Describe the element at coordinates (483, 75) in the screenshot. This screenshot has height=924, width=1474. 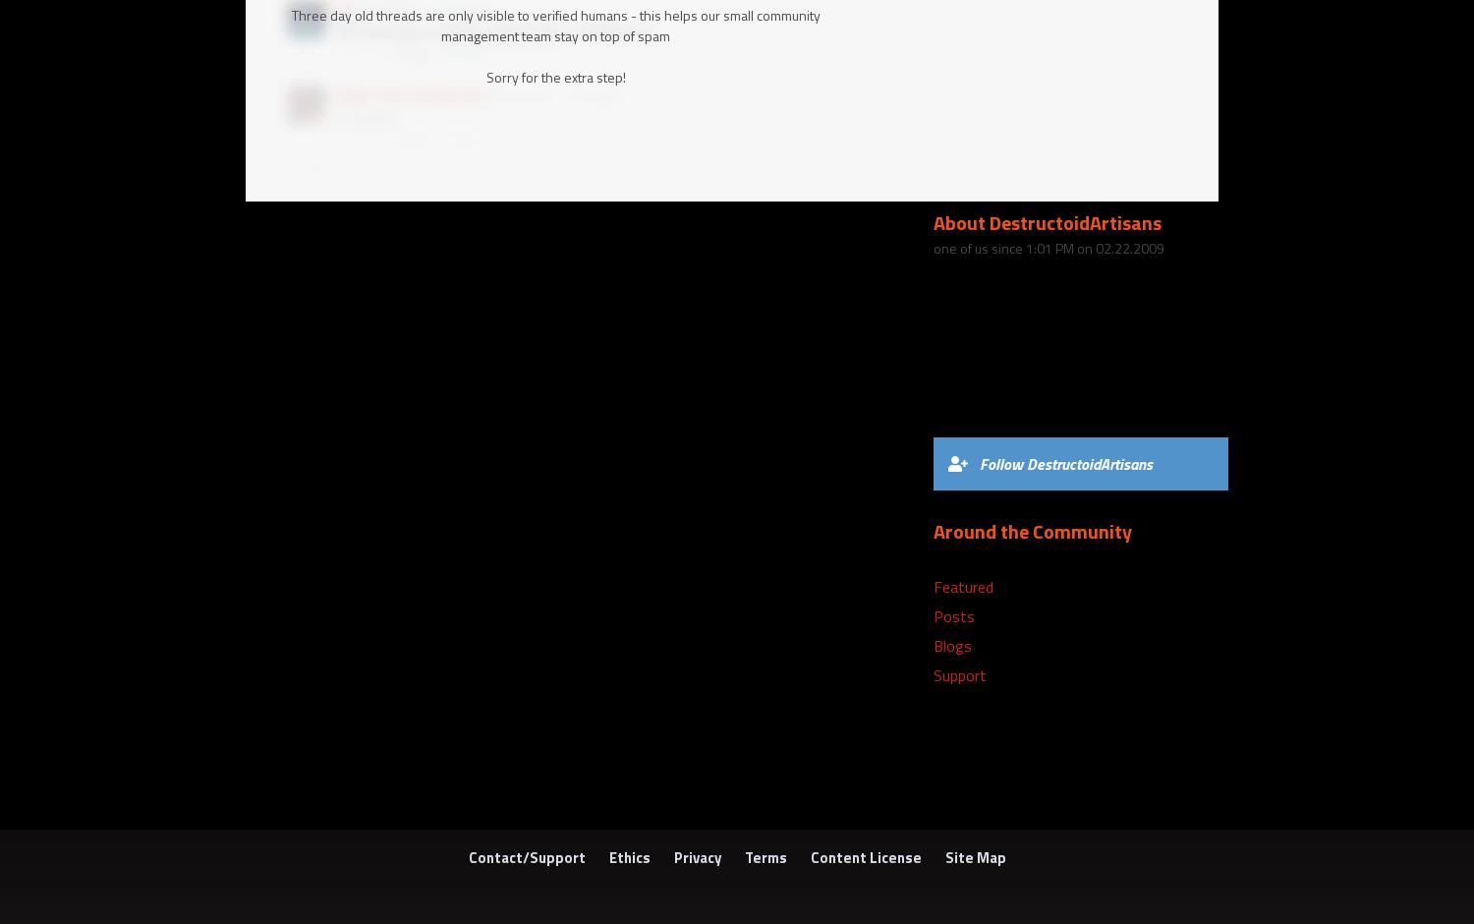
I see `'Sorry for the extra step!'` at that location.